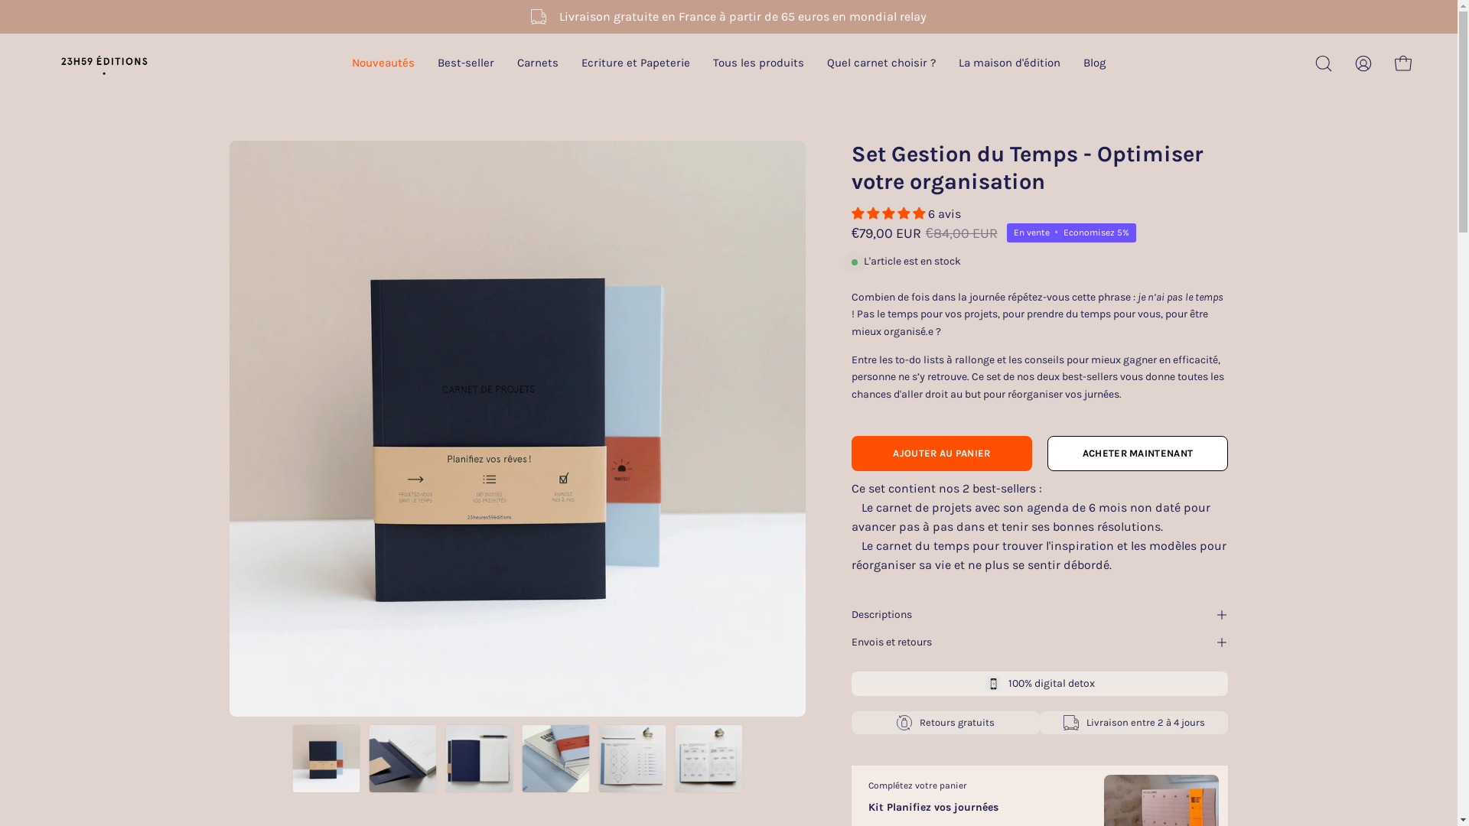 The image size is (1469, 826). What do you see at coordinates (1363, 63) in the screenshot?
I see `'Mon compte'` at bounding box center [1363, 63].